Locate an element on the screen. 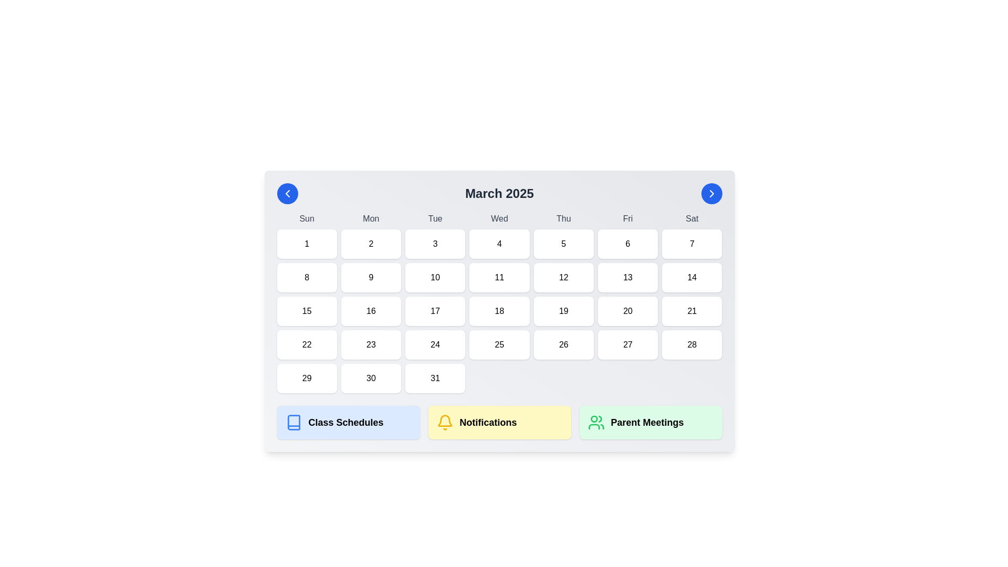  the date cell representing '31' in the calendar grid is located at coordinates (435, 379).